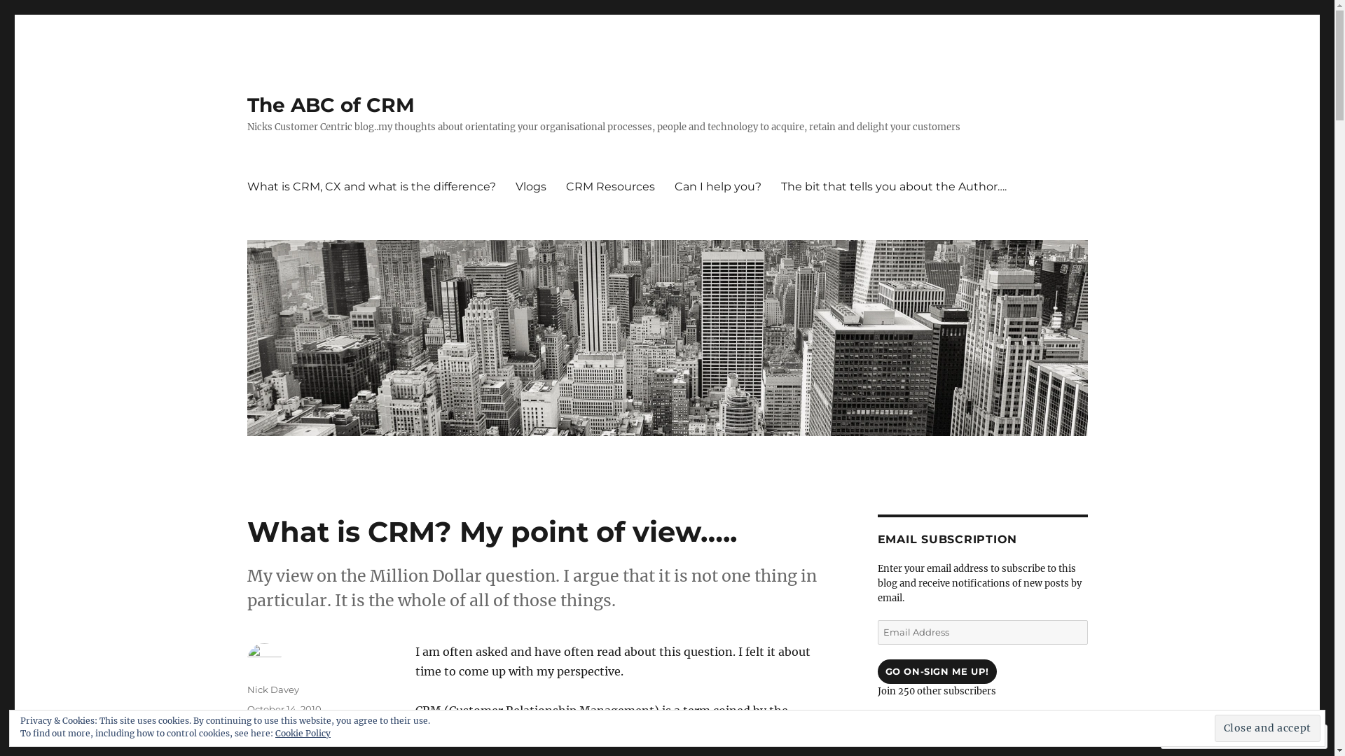  I want to click on 'Comment', so click(1166, 736).